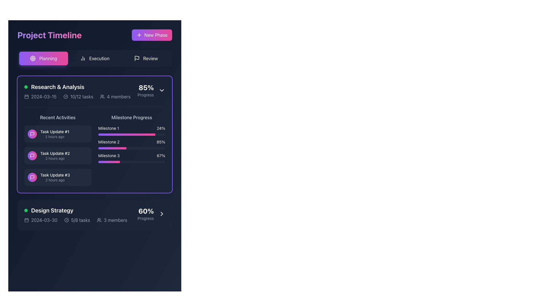 This screenshot has height=308, width=549. What do you see at coordinates (139, 35) in the screenshot?
I see `the icon for creating or adding a new phase, which is located inside the 'New Phase' button at the top-right corner of the interface` at bounding box center [139, 35].